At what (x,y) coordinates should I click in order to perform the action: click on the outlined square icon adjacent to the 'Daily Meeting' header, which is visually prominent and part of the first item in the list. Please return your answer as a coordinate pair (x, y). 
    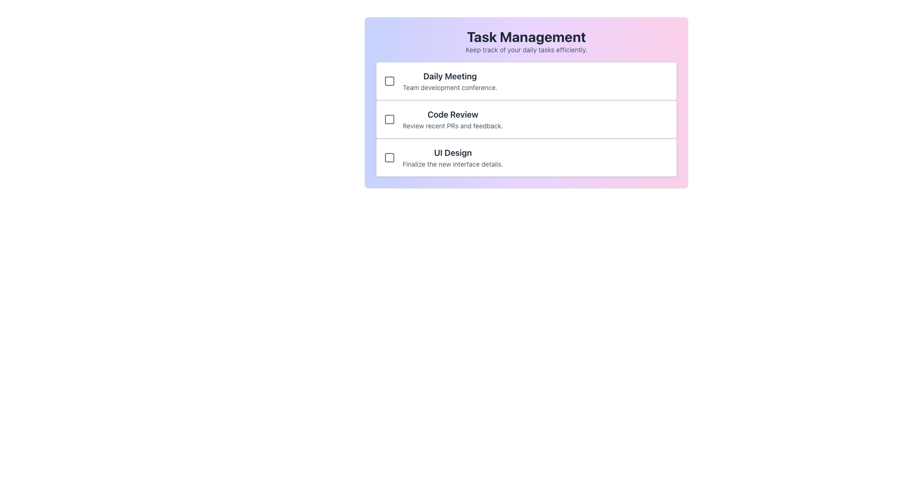
    Looking at the image, I should click on (390, 80).